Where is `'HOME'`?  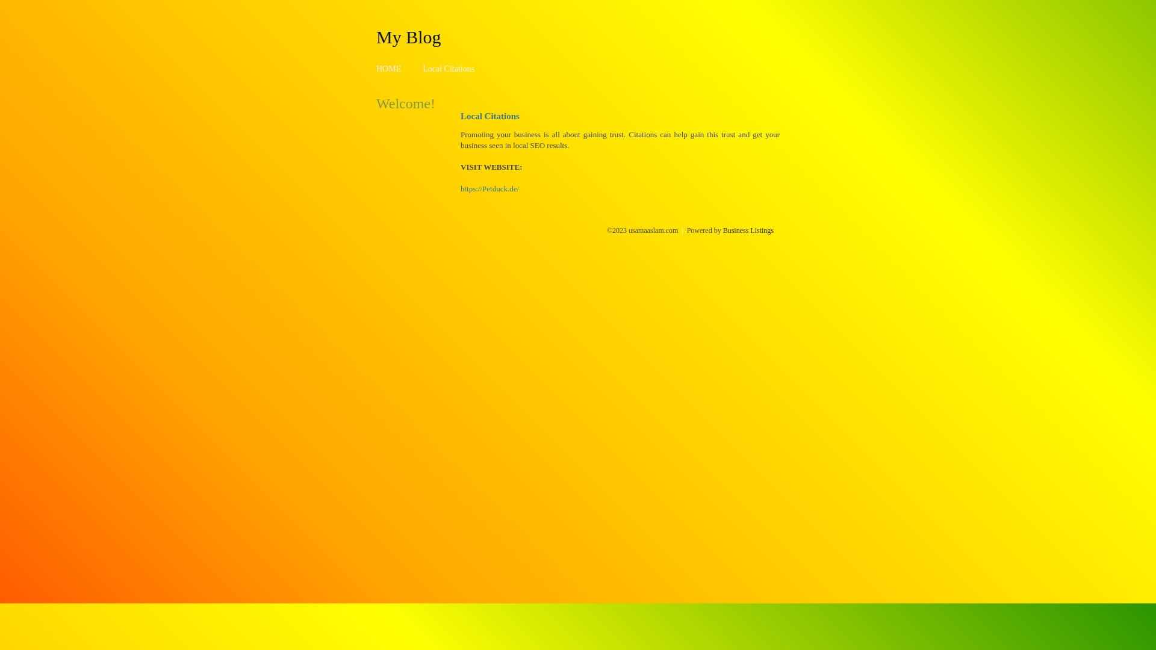
'HOME' is located at coordinates (388, 69).